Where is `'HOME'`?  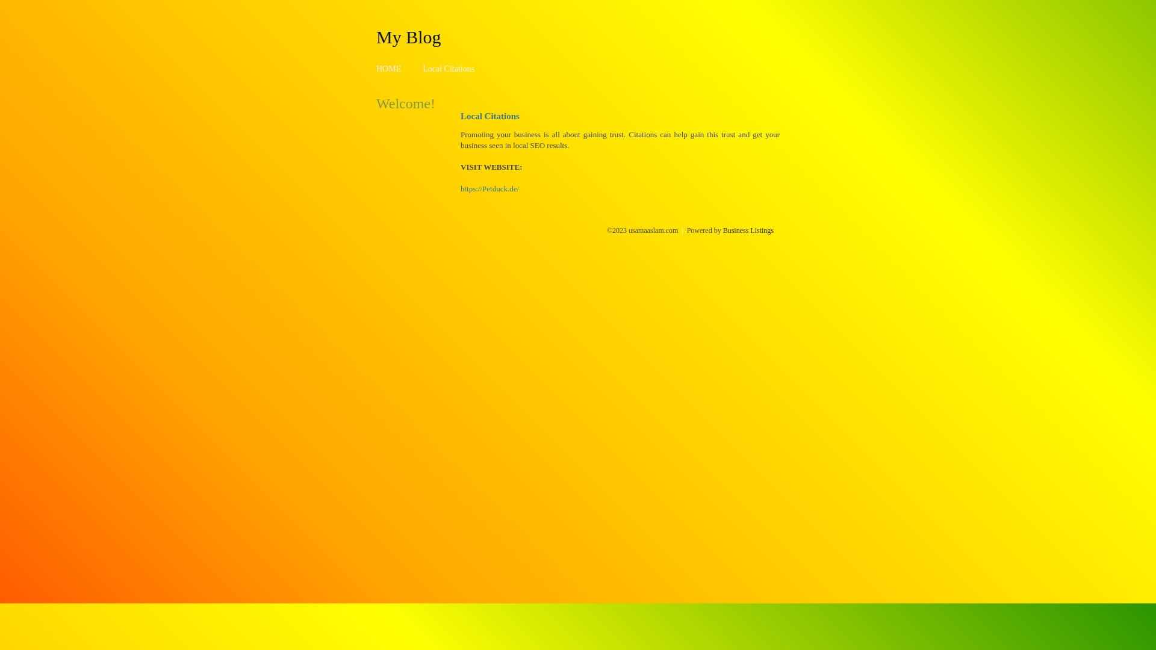
'HOME' is located at coordinates (388, 69).